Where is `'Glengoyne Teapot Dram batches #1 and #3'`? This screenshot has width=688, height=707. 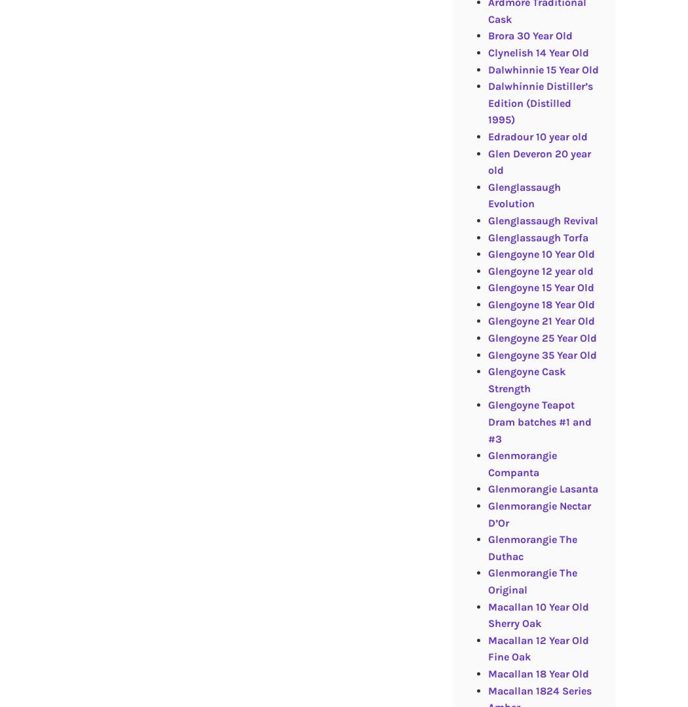
'Glengoyne Teapot Dram batches #1 and #3' is located at coordinates (538, 421).